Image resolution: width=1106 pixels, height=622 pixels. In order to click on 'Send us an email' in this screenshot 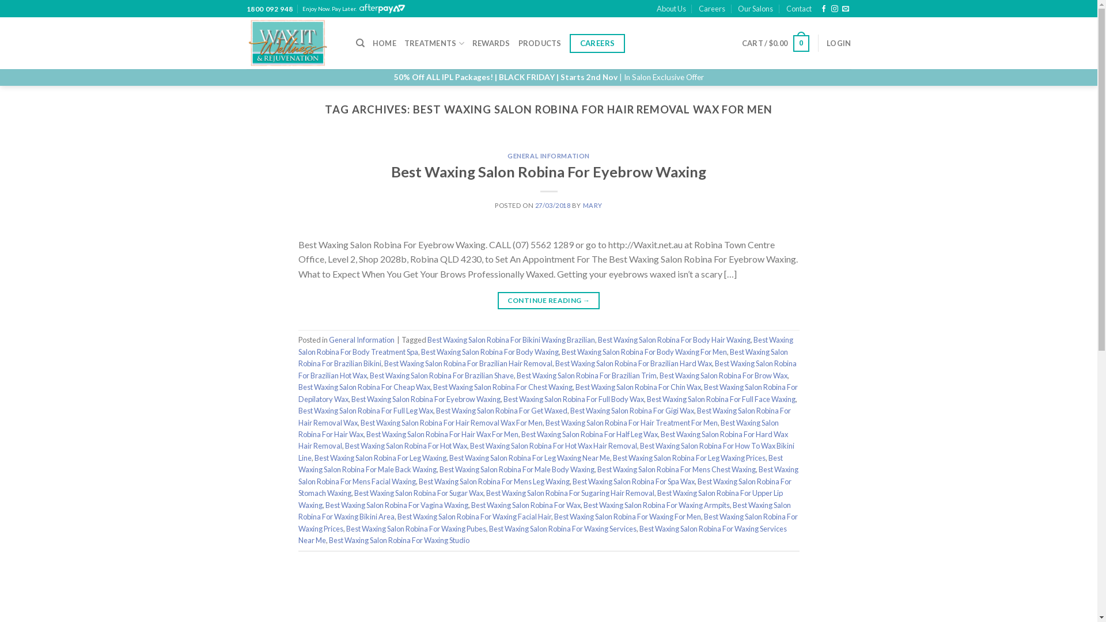, I will do `click(846, 9)`.